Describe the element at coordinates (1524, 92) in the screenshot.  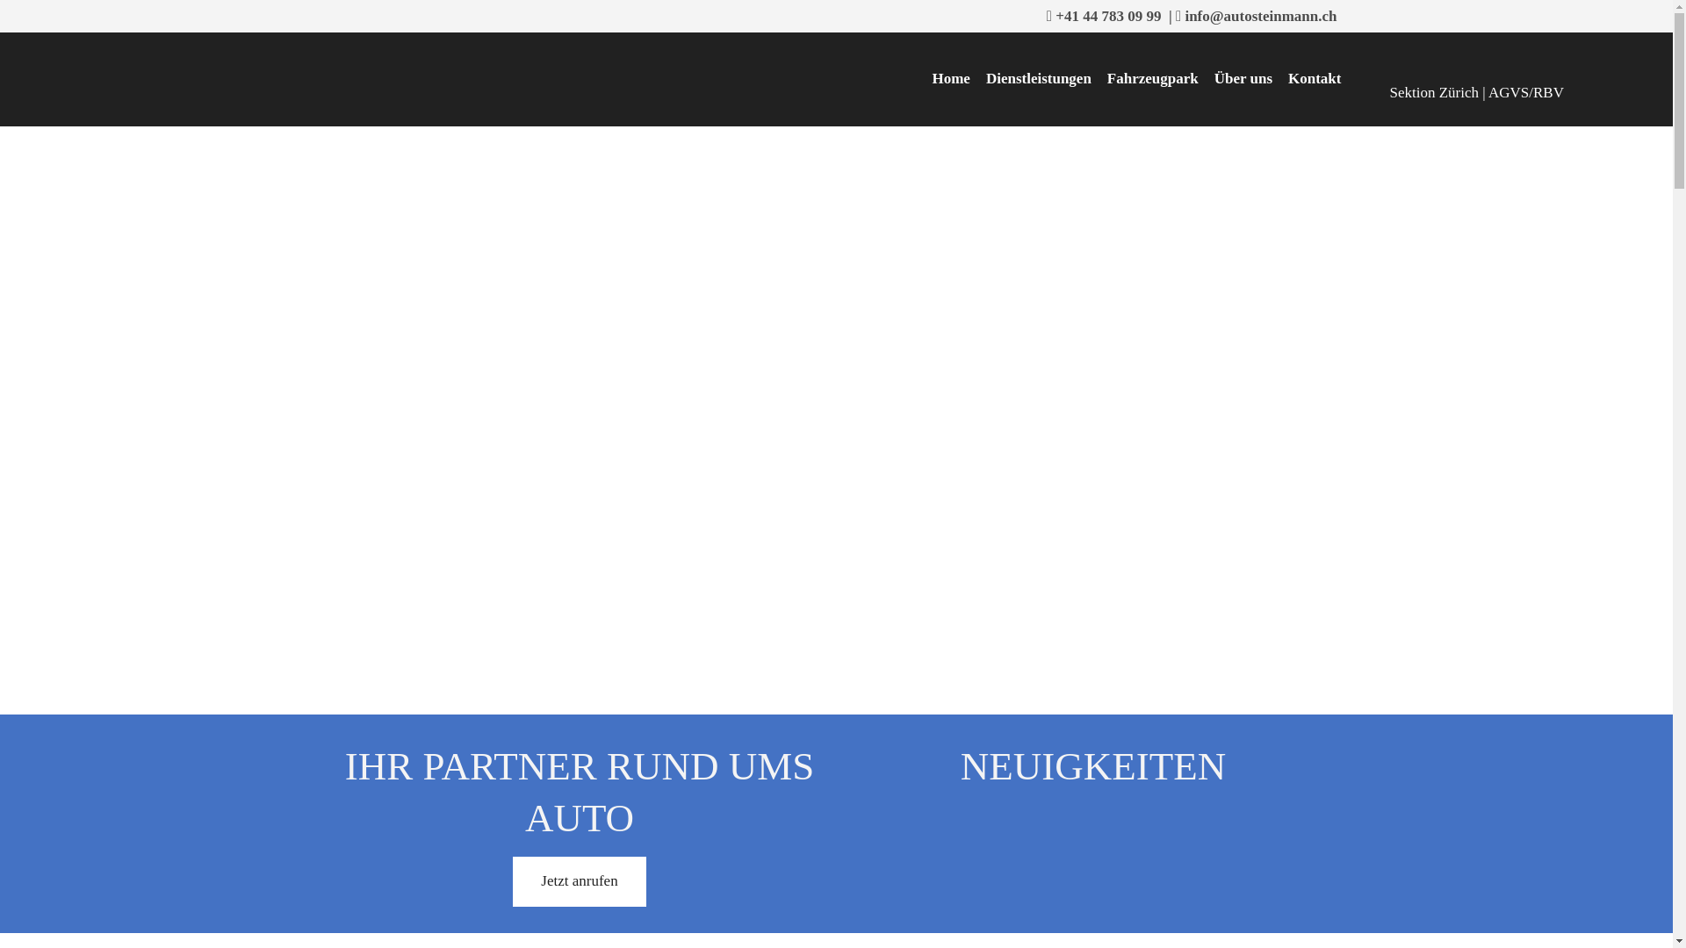
I see `'AGVS/RBV'` at that location.